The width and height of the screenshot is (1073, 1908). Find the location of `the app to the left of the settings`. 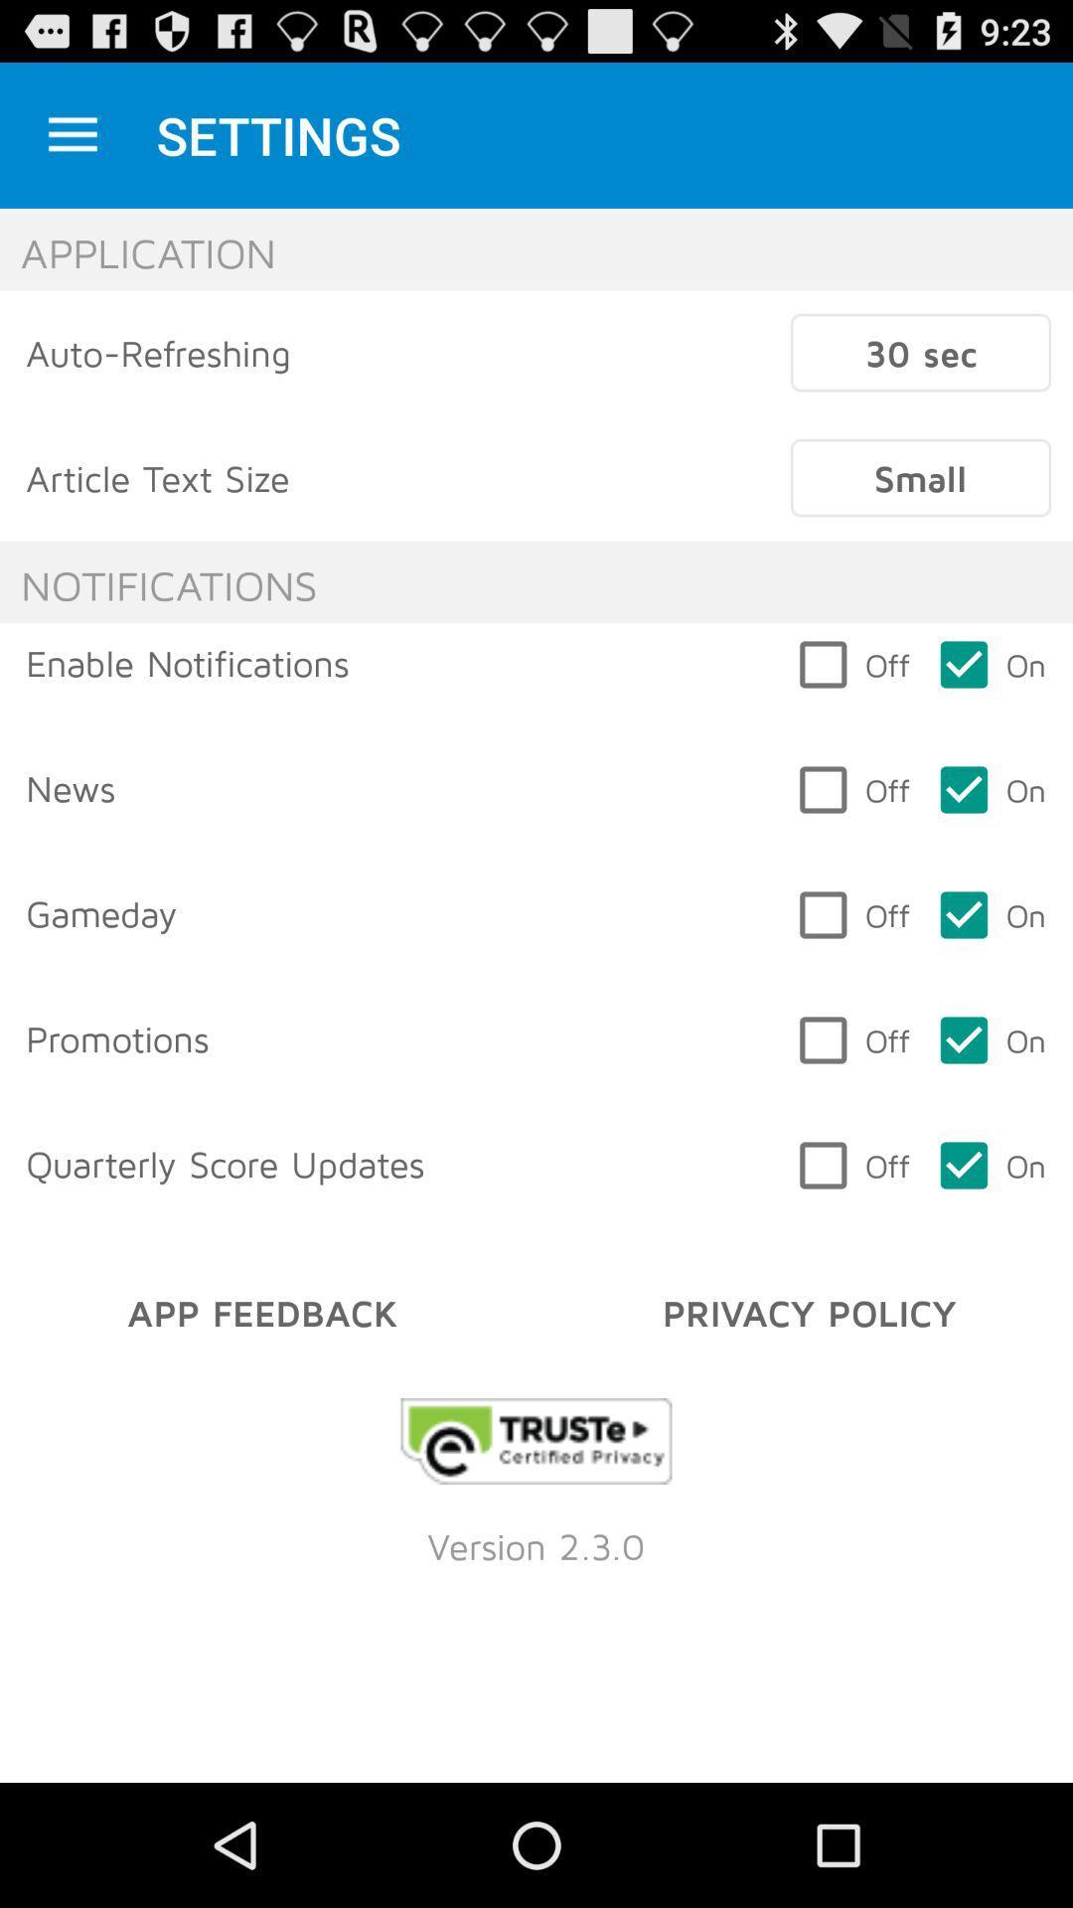

the app to the left of the settings is located at coordinates (72, 134).